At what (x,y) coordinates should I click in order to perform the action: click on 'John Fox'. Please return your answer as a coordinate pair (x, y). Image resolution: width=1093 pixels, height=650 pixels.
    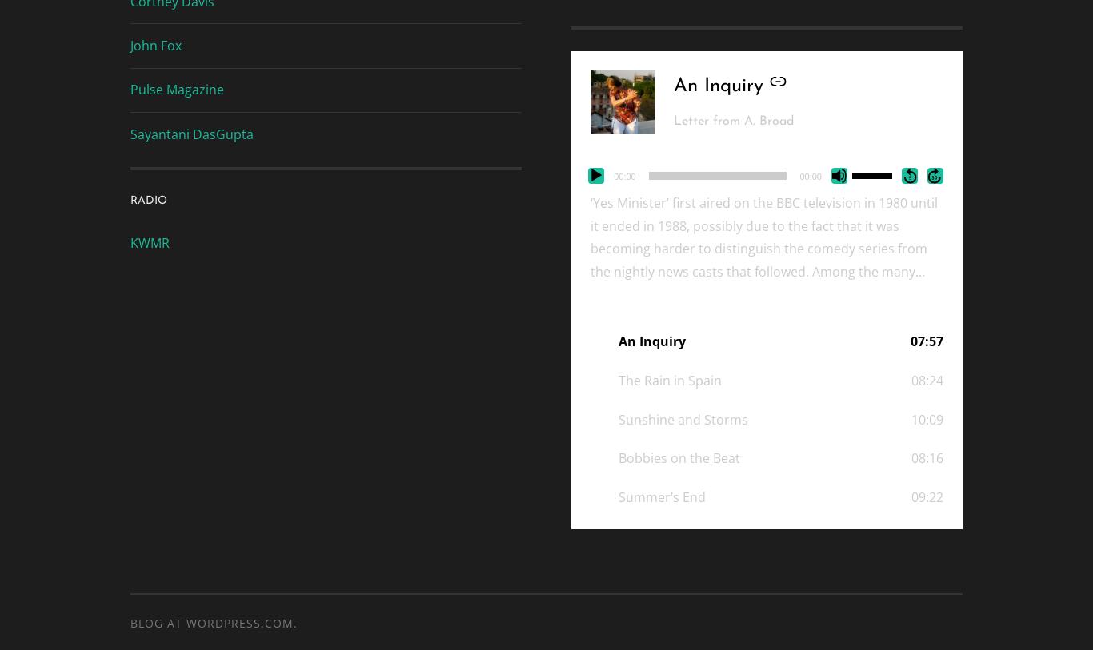
    Looking at the image, I should click on (155, 44).